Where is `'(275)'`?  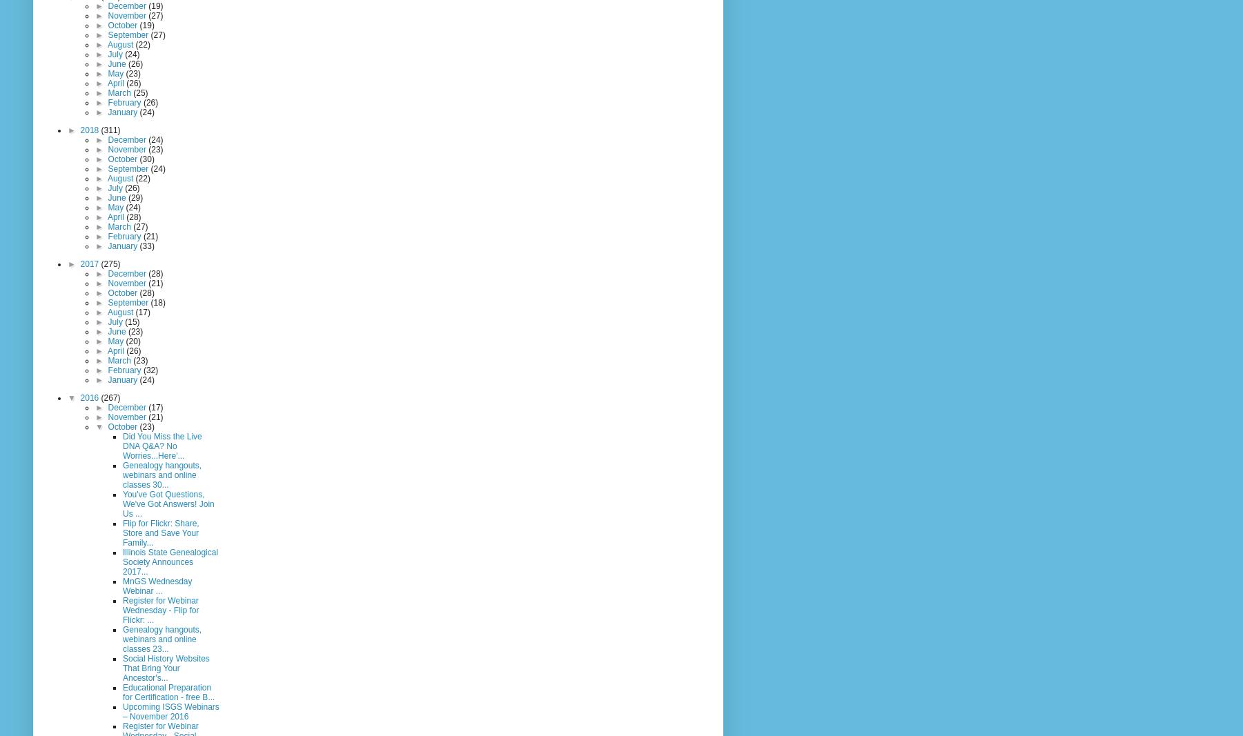 '(275)' is located at coordinates (110, 262).